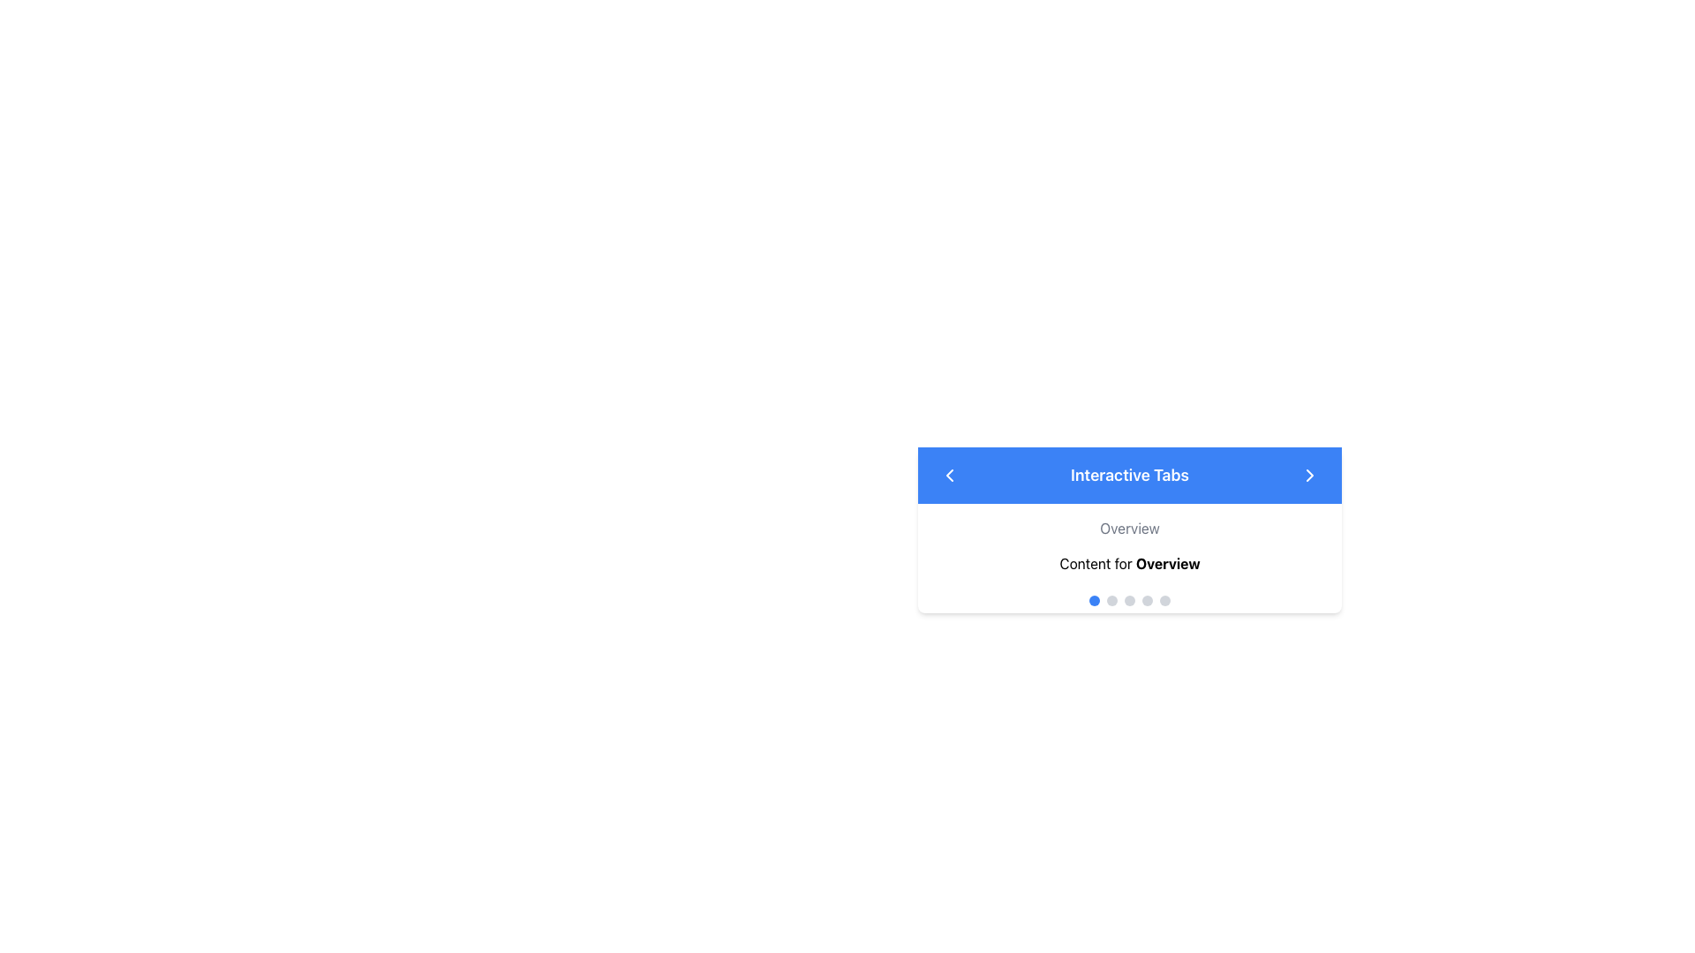  Describe the element at coordinates (1309, 475) in the screenshot. I see `the small triangular right arrow icon in the blue header bar next to 'Interactive Tabs'` at that location.